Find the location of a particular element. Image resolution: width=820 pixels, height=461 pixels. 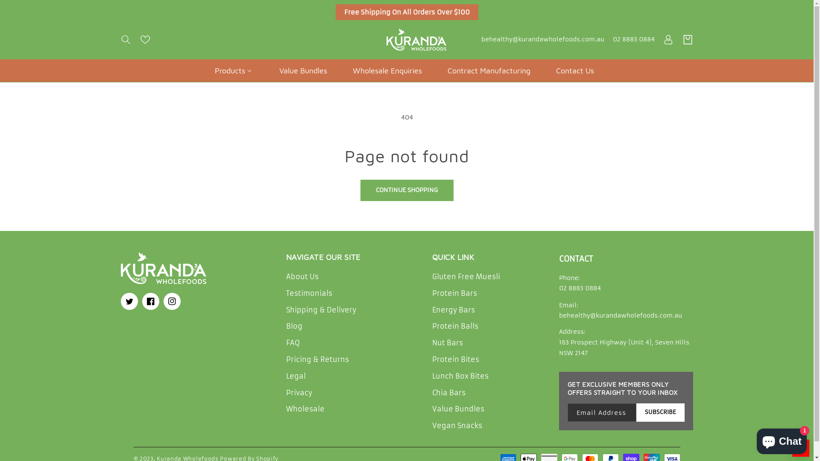

'Blog' is located at coordinates (286, 326).